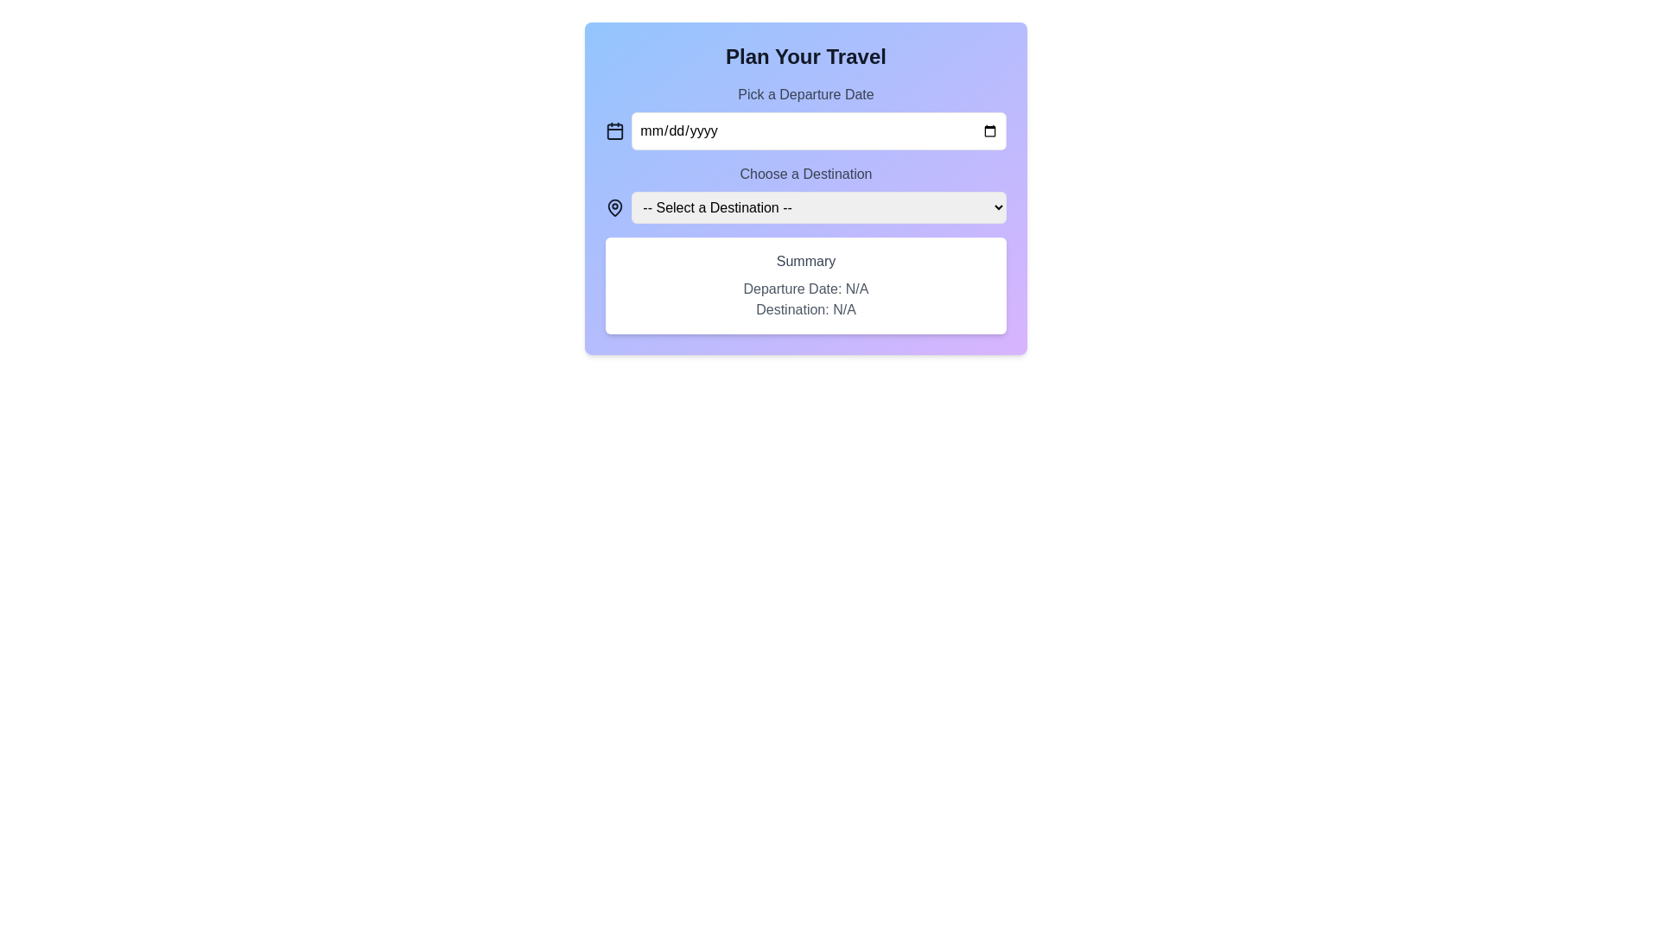  I want to click on the date input field, which has a placeholder displaying 'mm/dd/yyyy' and is styled with rounded corners, to focus and input a date, so click(818, 130).